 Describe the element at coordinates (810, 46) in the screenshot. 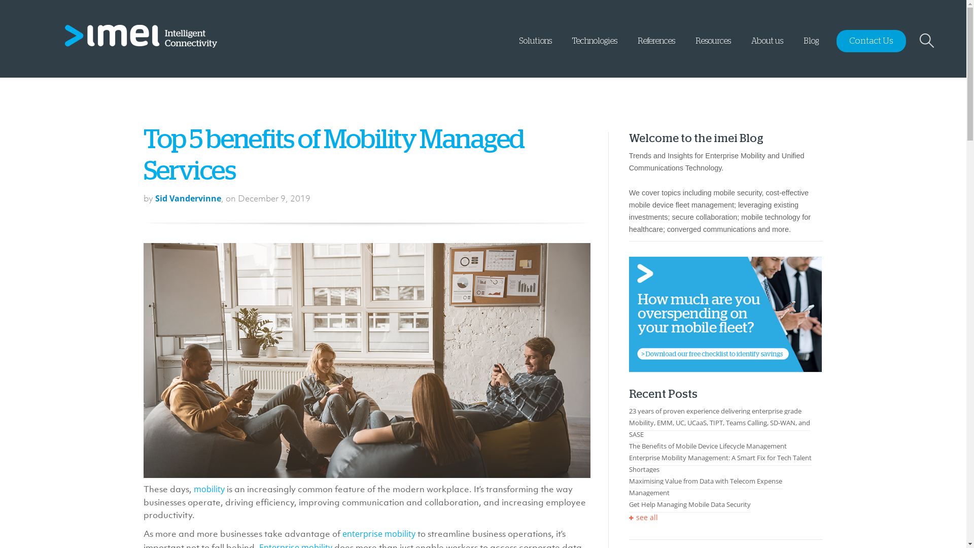

I see `'Blog'` at that location.